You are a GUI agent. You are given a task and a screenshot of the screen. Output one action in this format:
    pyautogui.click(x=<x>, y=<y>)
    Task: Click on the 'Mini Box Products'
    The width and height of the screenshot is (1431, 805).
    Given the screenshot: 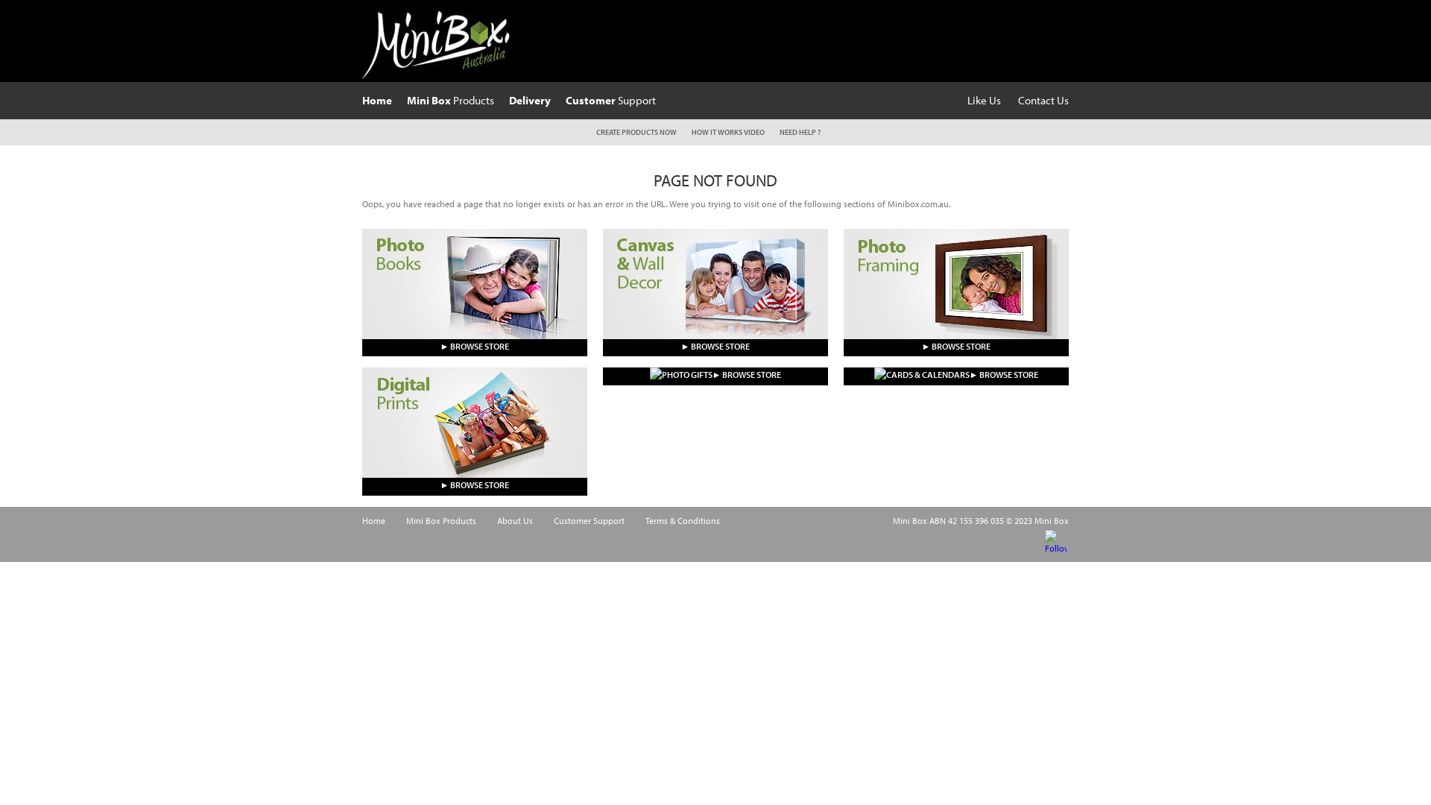 What is the action you would take?
    pyautogui.click(x=449, y=100)
    